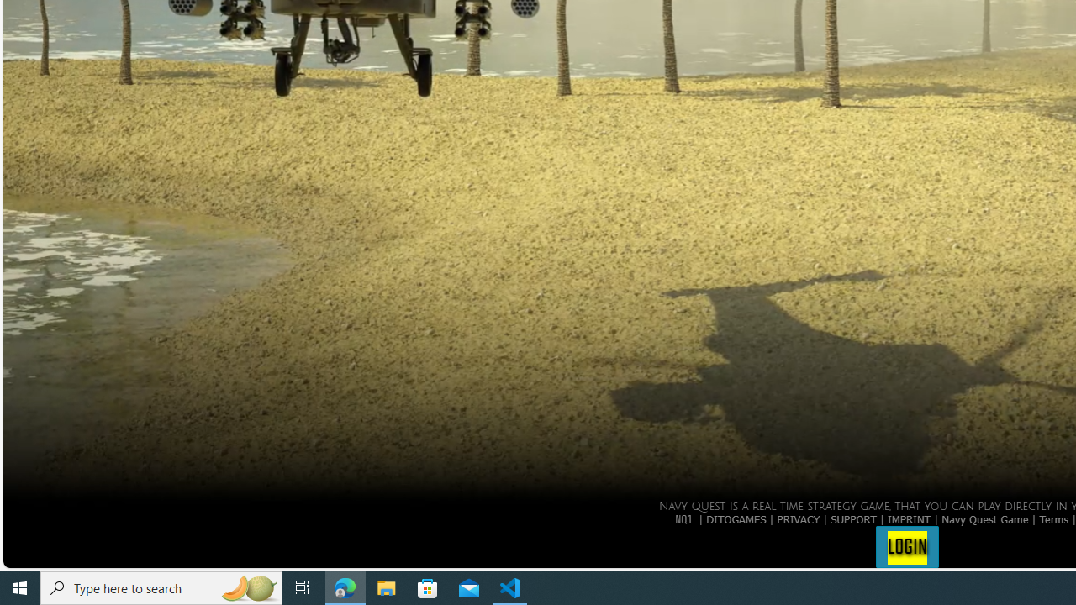 This screenshot has height=605, width=1076. Describe the element at coordinates (161, 587) in the screenshot. I see `'Type here to search'` at that location.